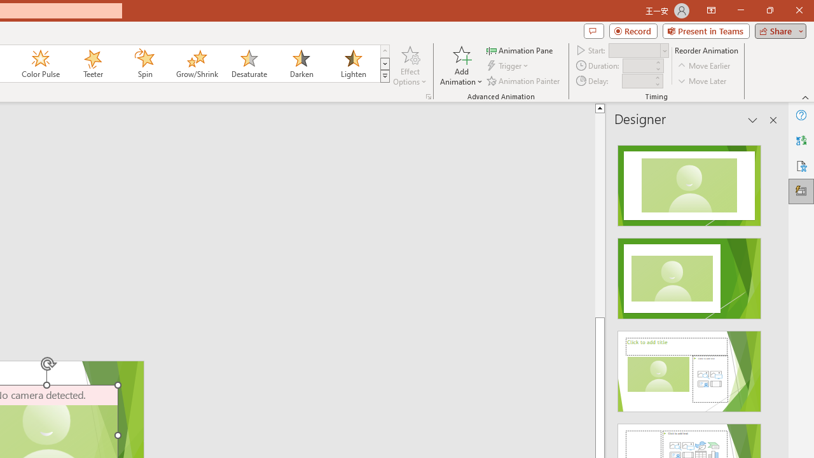 The image size is (814, 458). I want to click on 'Animation Pane', so click(520, 50).